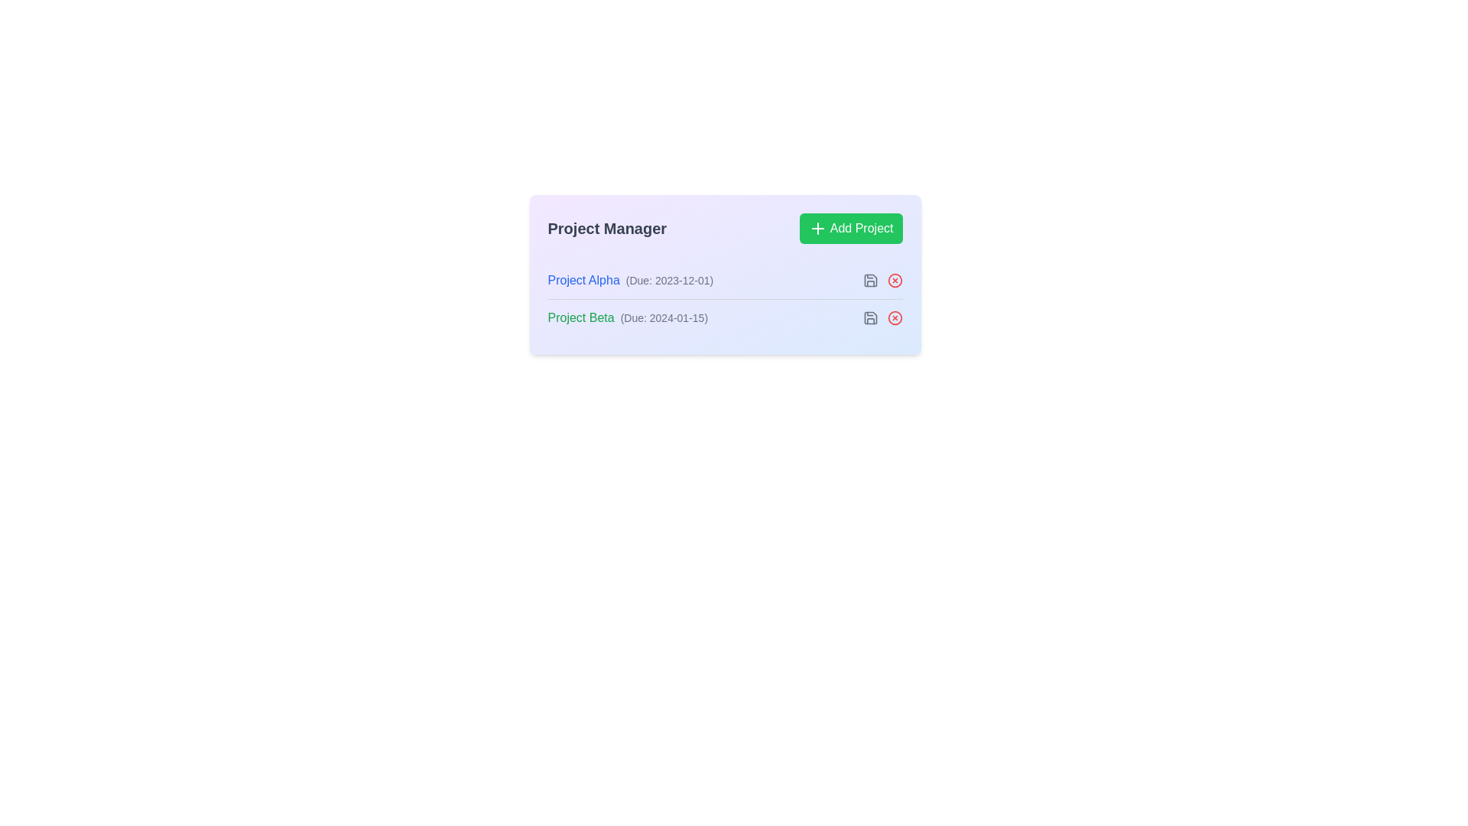  What do you see at coordinates (882, 317) in the screenshot?
I see `the gray disk save icon in the Button Group located in the bottom right corner of the 'Project Beta (Due: 2024-01-15)' row` at bounding box center [882, 317].